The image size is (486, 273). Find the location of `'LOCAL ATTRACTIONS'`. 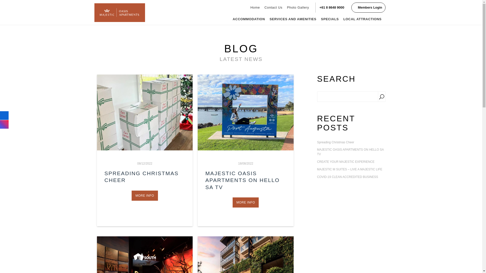

'LOCAL ATTRACTIONS' is located at coordinates (362, 19).